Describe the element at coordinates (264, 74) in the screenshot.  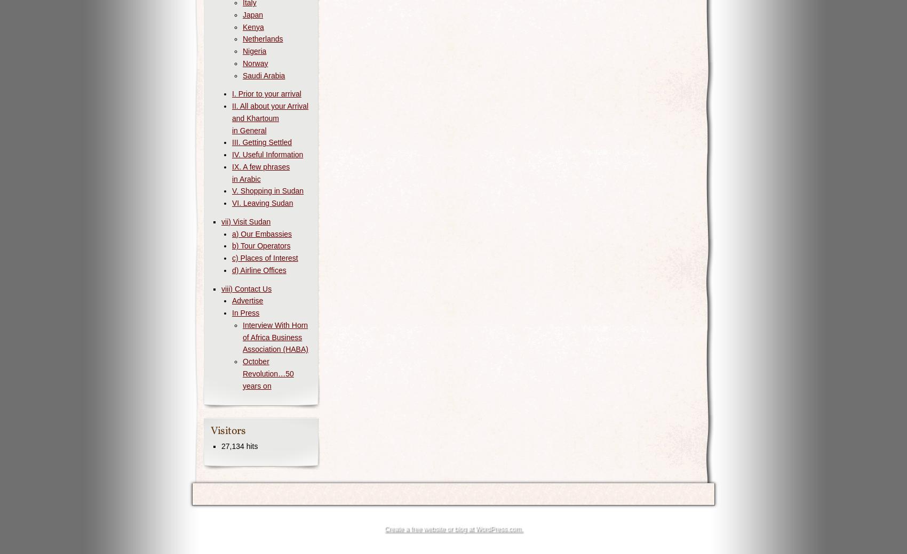
I see `'Saudi Arabia'` at that location.